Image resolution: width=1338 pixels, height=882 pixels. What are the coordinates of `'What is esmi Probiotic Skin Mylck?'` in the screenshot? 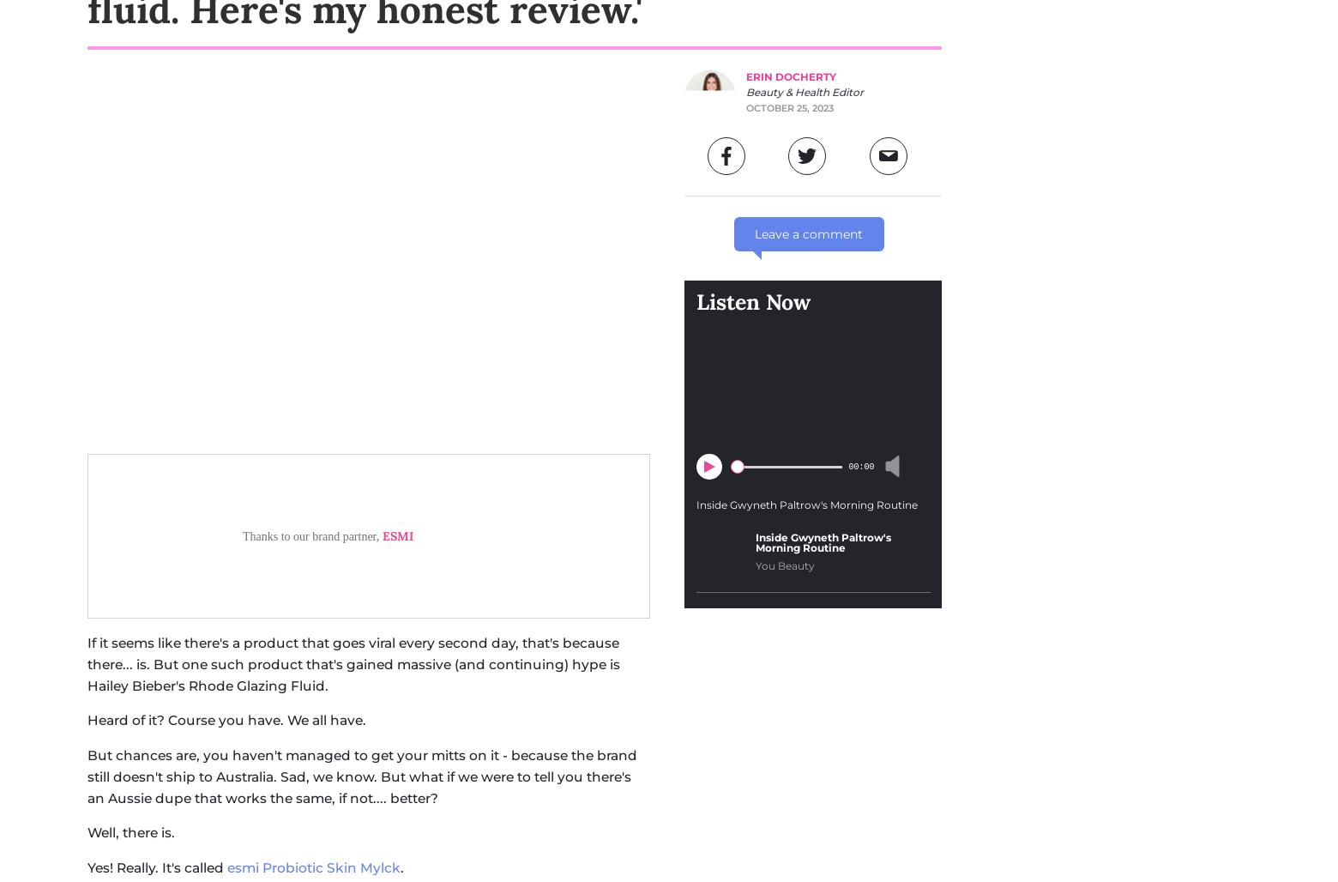 It's located at (87, 452).